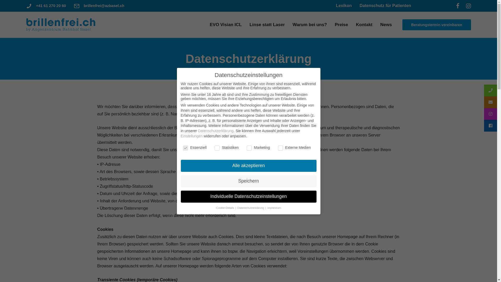 The image size is (501, 282). What do you see at coordinates (226, 25) in the screenshot?
I see `'EVO Visian ICL'` at bounding box center [226, 25].